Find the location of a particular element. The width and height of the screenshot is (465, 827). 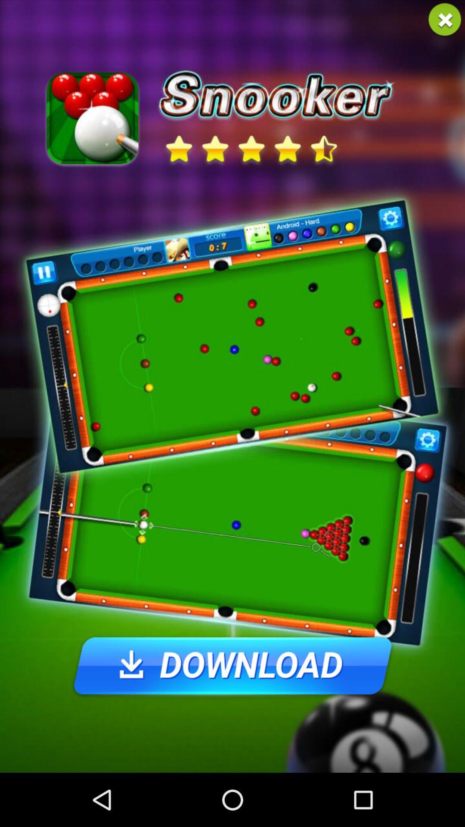

open popup is located at coordinates (445, 20).